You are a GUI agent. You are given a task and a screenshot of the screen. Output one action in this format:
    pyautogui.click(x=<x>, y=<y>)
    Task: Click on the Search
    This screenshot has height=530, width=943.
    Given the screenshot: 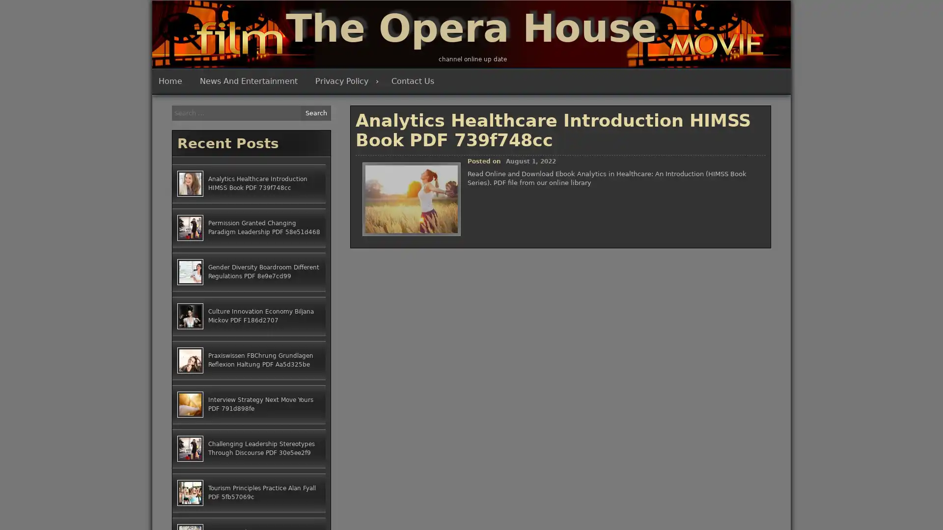 What is the action you would take?
    pyautogui.click(x=316, y=112)
    